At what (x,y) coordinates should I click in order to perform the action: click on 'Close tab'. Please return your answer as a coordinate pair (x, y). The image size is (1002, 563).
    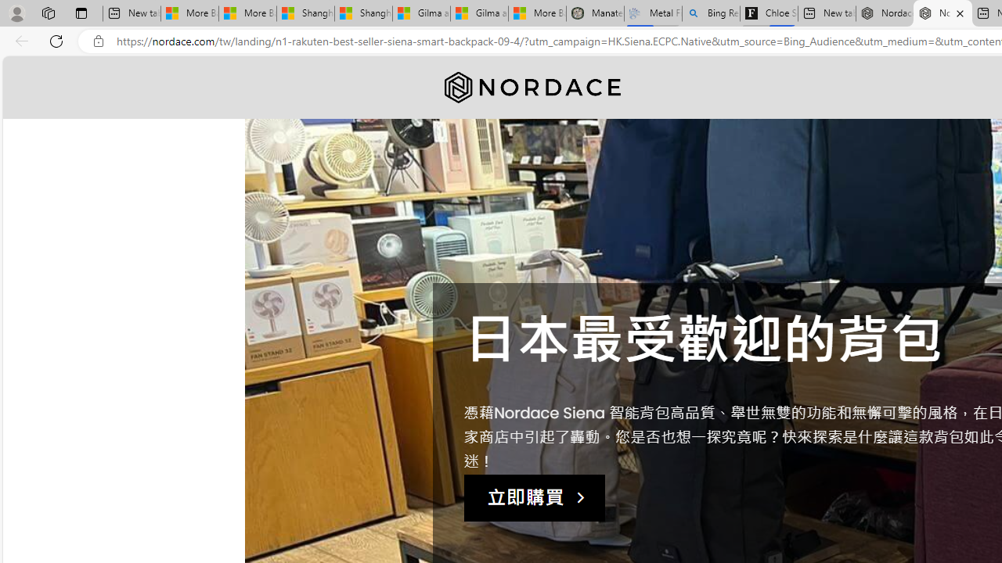
    Looking at the image, I should click on (959, 13).